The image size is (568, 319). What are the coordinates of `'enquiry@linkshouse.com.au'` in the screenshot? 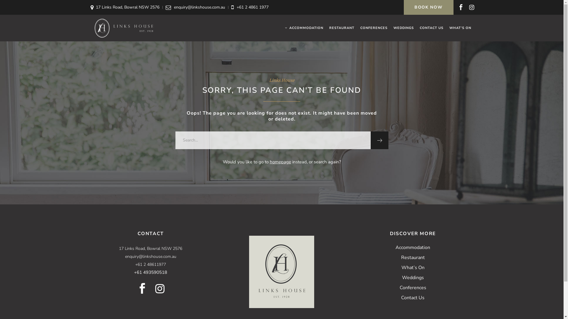 It's located at (199, 7).